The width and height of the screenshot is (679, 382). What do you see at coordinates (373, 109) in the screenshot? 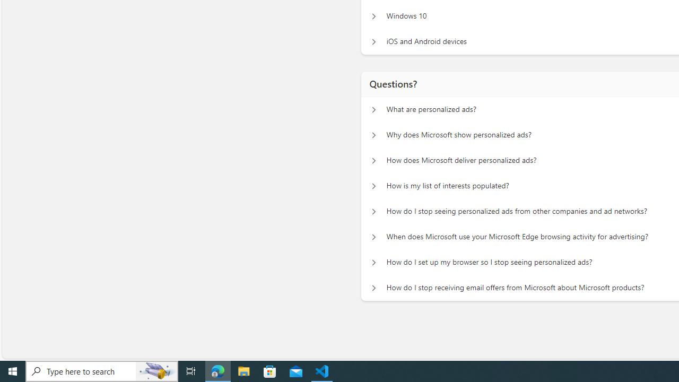
I see `'Questions? What are personalized ads?'` at bounding box center [373, 109].